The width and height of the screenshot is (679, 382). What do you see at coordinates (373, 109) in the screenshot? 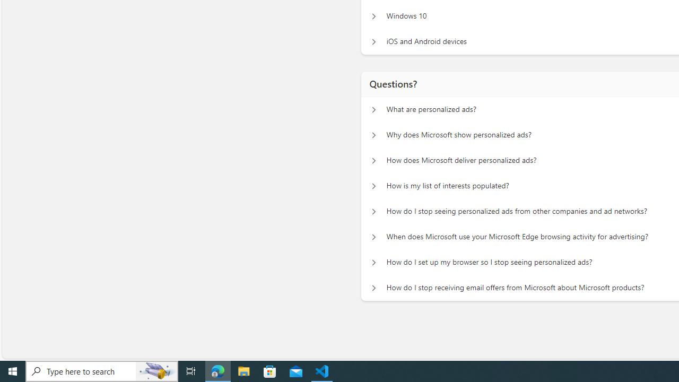
I see `'Questions? What are personalized ads?'` at bounding box center [373, 109].